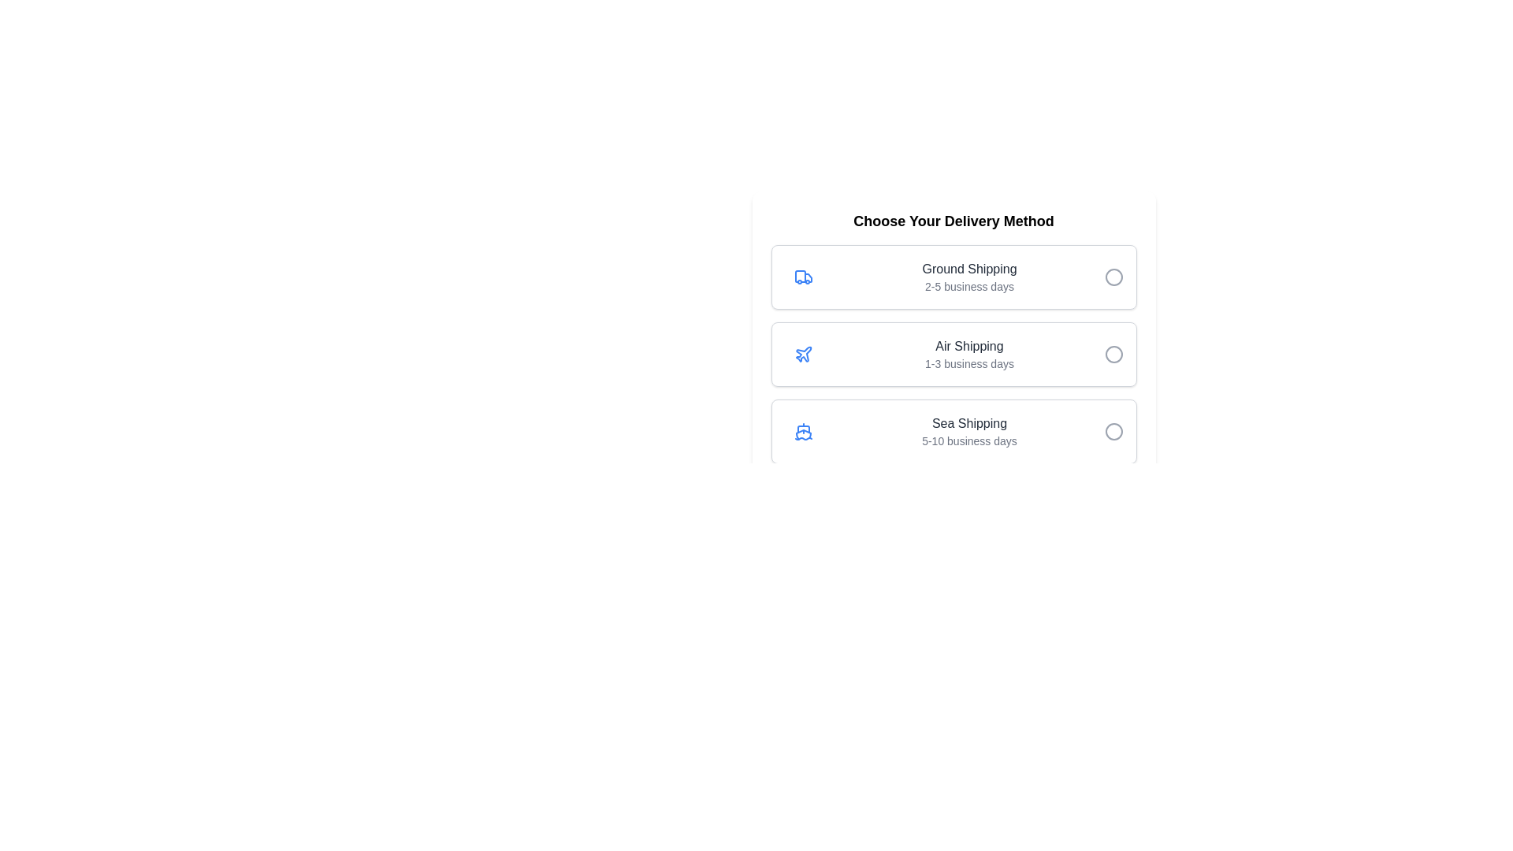 Image resolution: width=1513 pixels, height=851 pixels. What do you see at coordinates (1113, 276) in the screenshot?
I see `the 'Ground Shipping' radio button` at bounding box center [1113, 276].